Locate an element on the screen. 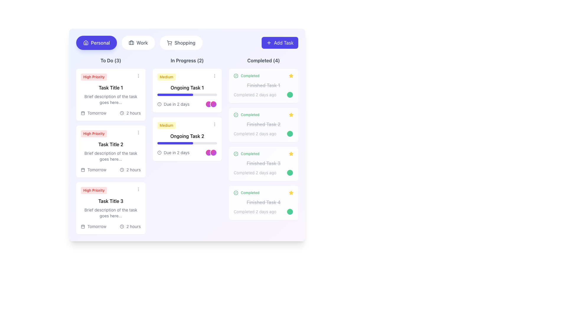  text label indicating the third completed task in the Completed tasks section of the application is located at coordinates (263, 163).